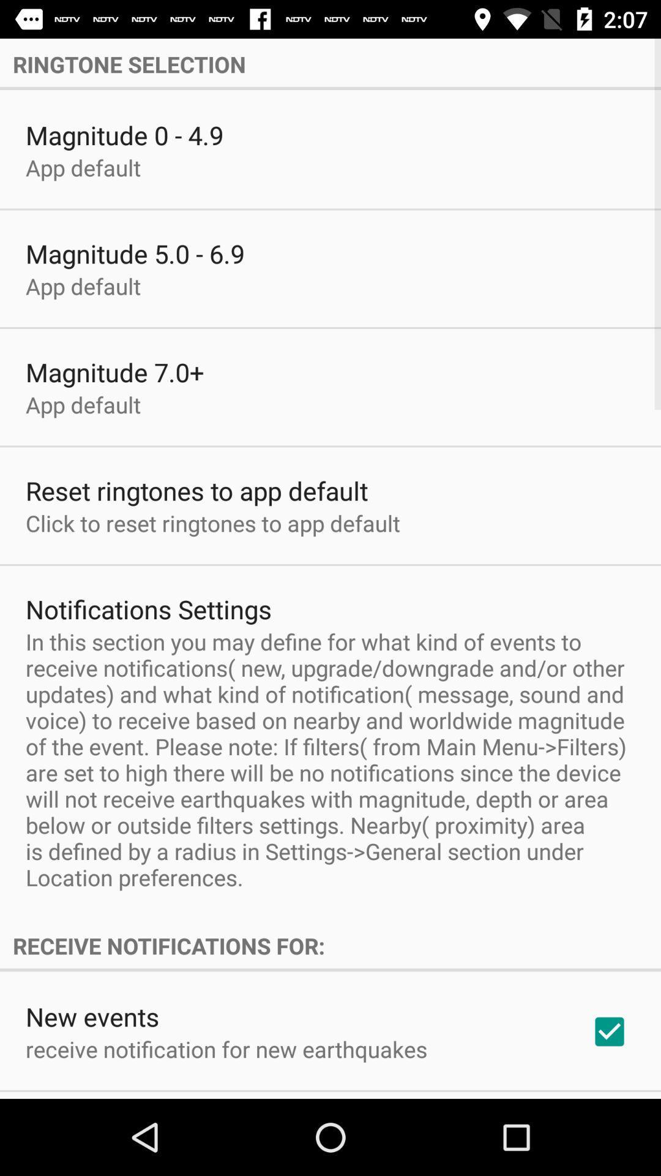 Image resolution: width=661 pixels, height=1176 pixels. What do you see at coordinates (609, 1031) in the screenshot?
I see `app below receive notifications for: icon` at bounding box center [609, 1031].